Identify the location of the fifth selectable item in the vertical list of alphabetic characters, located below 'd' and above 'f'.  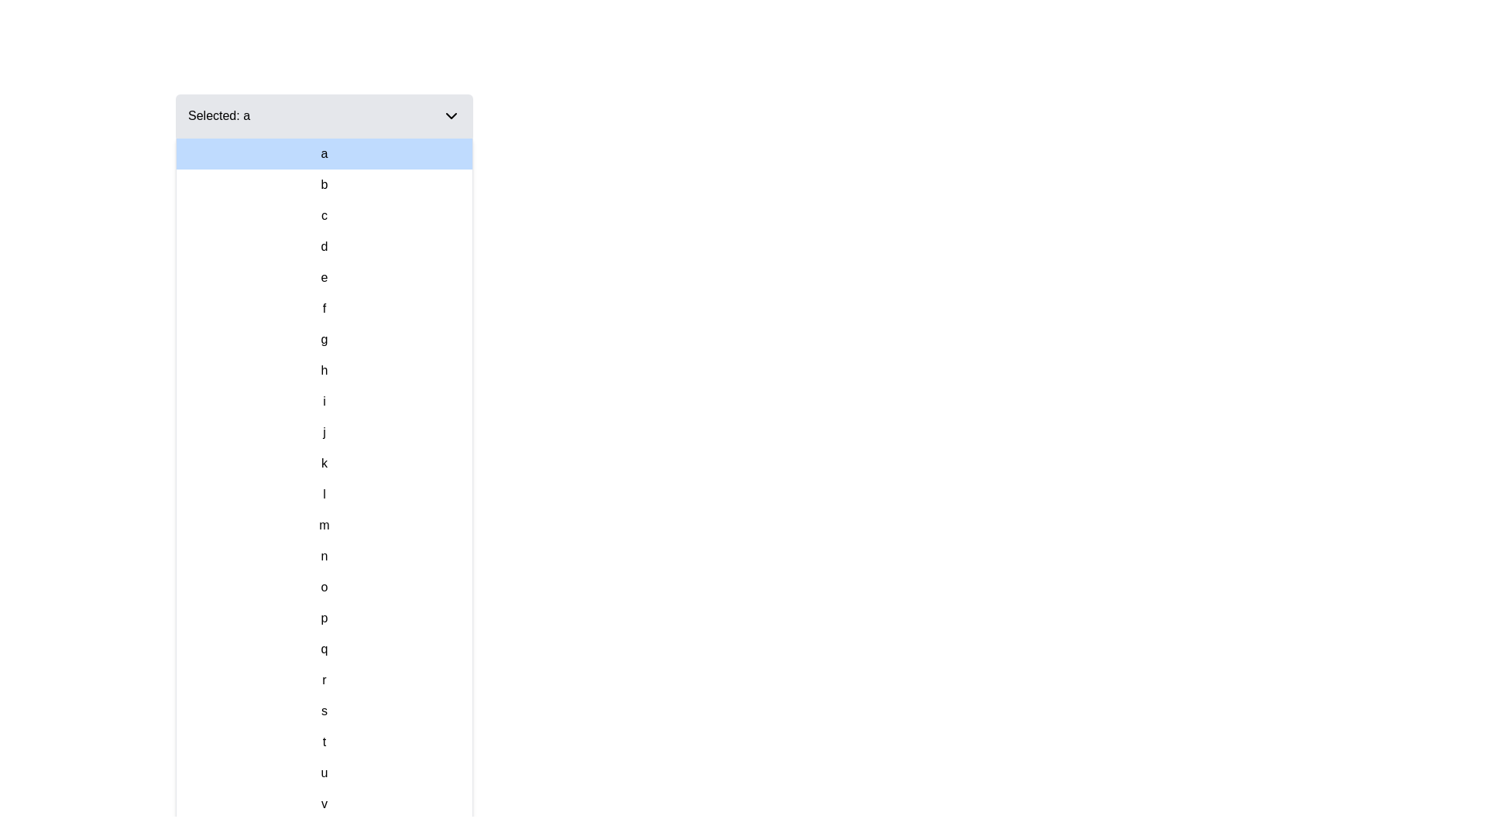
(323, 276).